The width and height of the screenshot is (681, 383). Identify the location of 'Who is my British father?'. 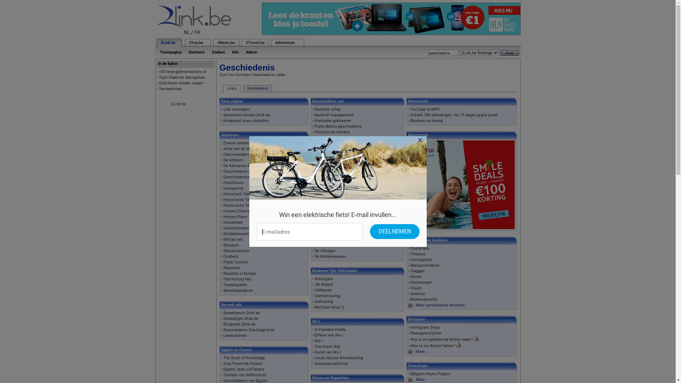
(432, 345).